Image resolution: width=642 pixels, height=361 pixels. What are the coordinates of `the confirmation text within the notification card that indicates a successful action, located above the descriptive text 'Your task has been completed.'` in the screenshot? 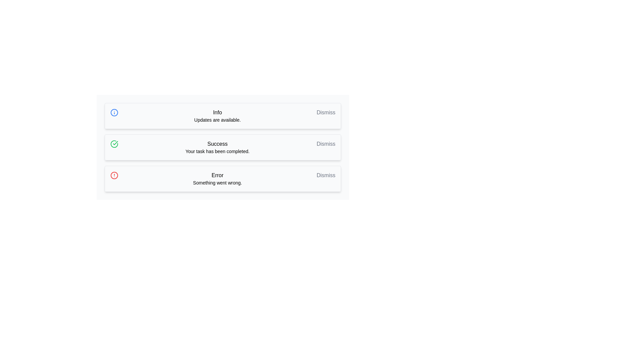 It's located at (217, 144).